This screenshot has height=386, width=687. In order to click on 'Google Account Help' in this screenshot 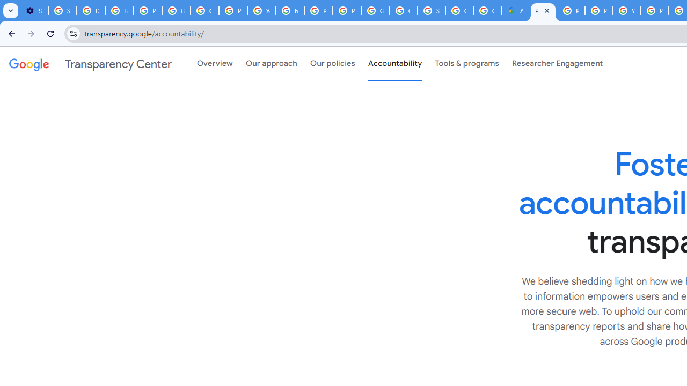, I will do `click(176, 11)`.